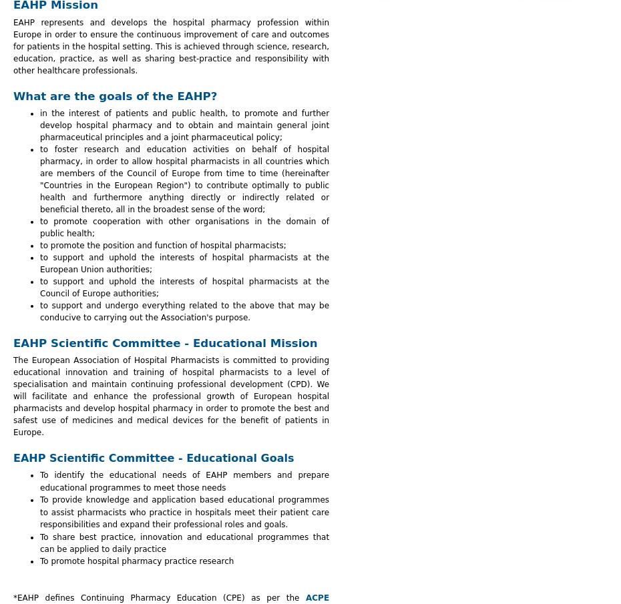 The image size is (621, 604). What do you see at coordinates (12, 342) in the screenshot?
I see `'EAHP Scientific Committee - Educational Mission'` at bounding box center [12, 342].